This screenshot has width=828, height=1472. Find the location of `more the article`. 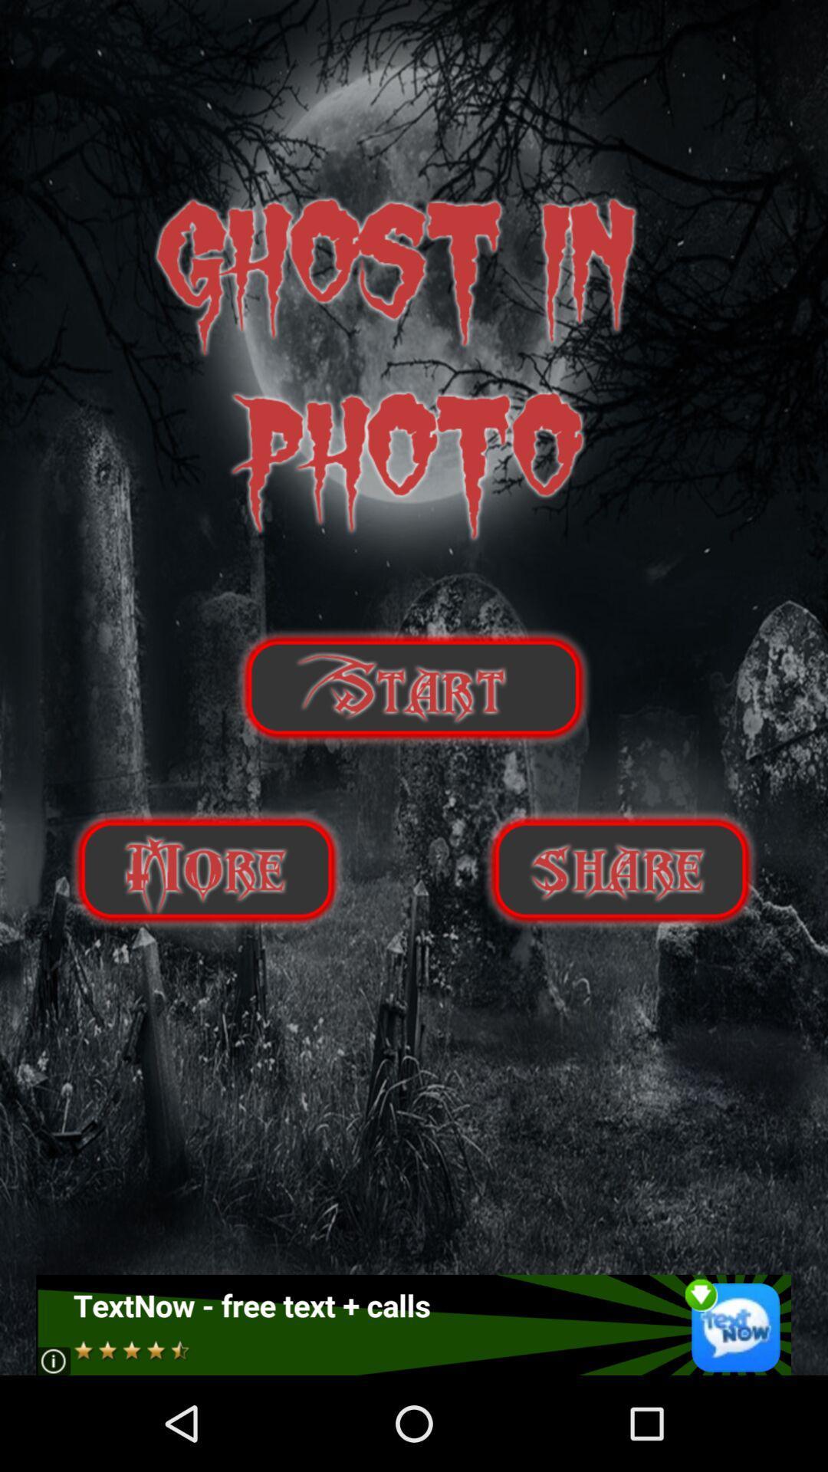

more the article is located at coordinates (205, 869).